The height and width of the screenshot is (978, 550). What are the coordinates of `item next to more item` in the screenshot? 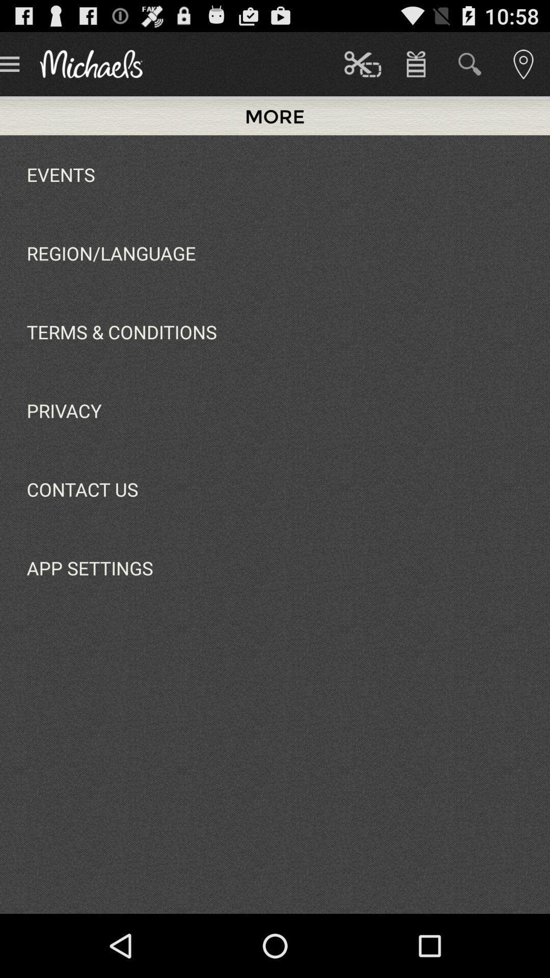 It's located at (362, 63).